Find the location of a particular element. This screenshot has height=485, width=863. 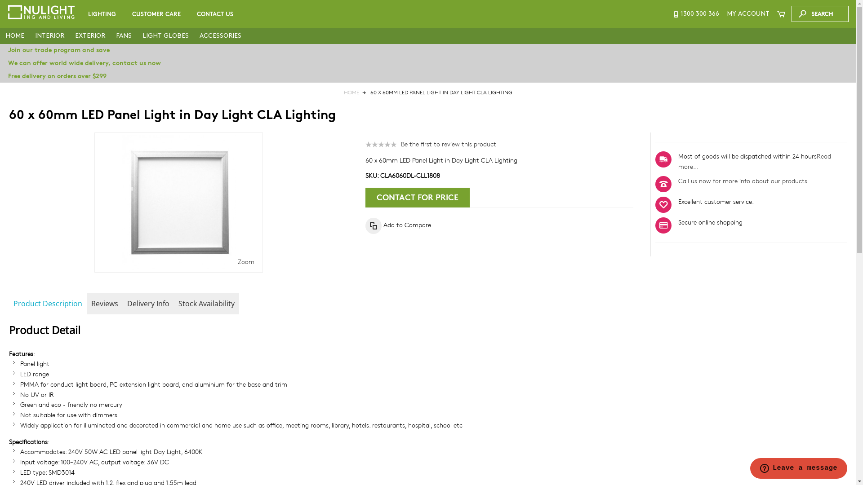

'60 x 60mm LED Panel Light in Day Light CLA Lighting' is located at coordinates (178, 203).